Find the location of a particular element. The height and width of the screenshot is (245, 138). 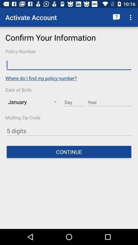

zip code is located at coordinates (69, 131).